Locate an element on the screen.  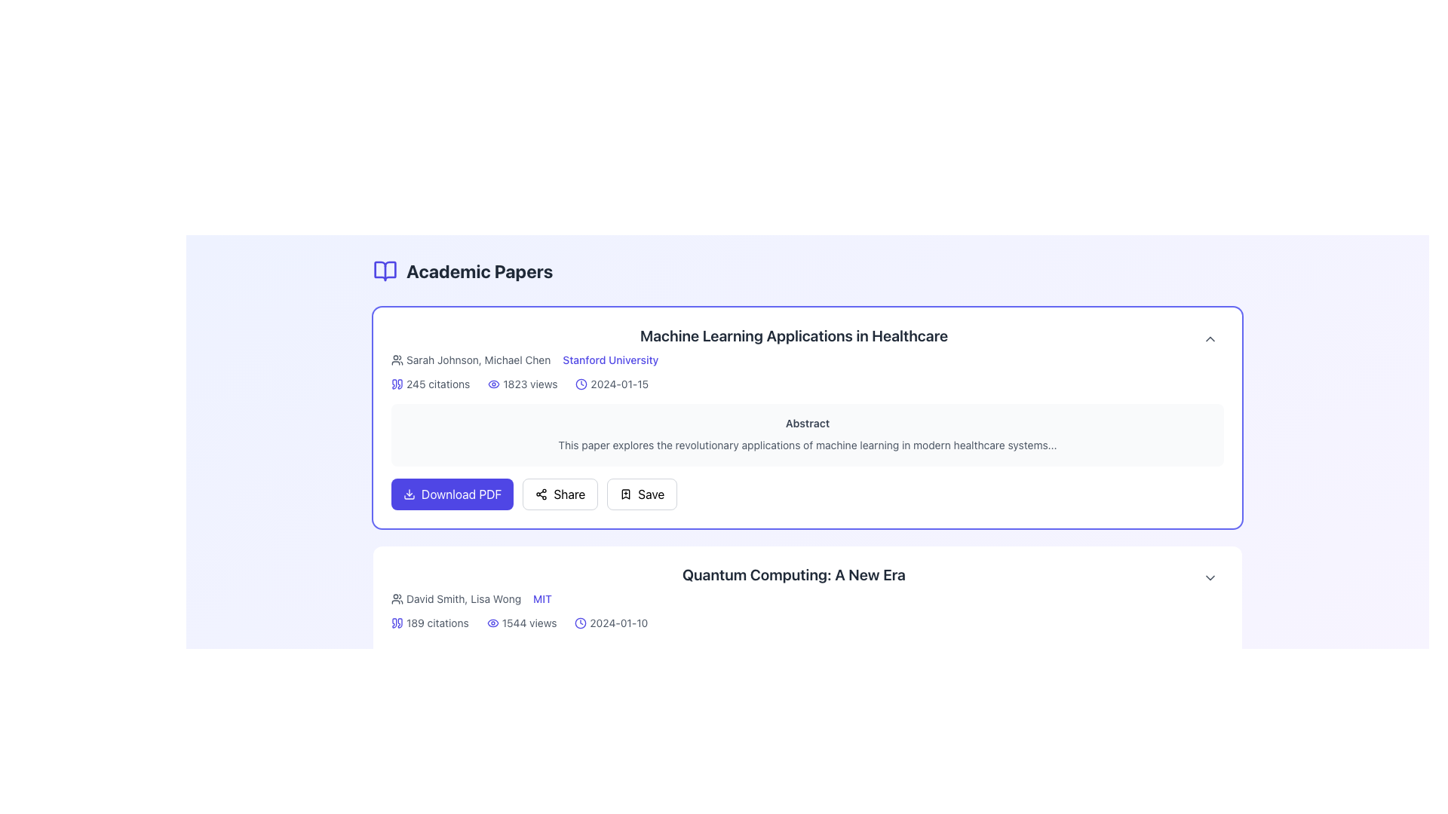
the text label that identifies the university or organization affiliated with the authors of the research paper, located to the right of 'Sarah Johnson, Michael Chen' in the header of the research paper card is located at coordinates (610, 360).